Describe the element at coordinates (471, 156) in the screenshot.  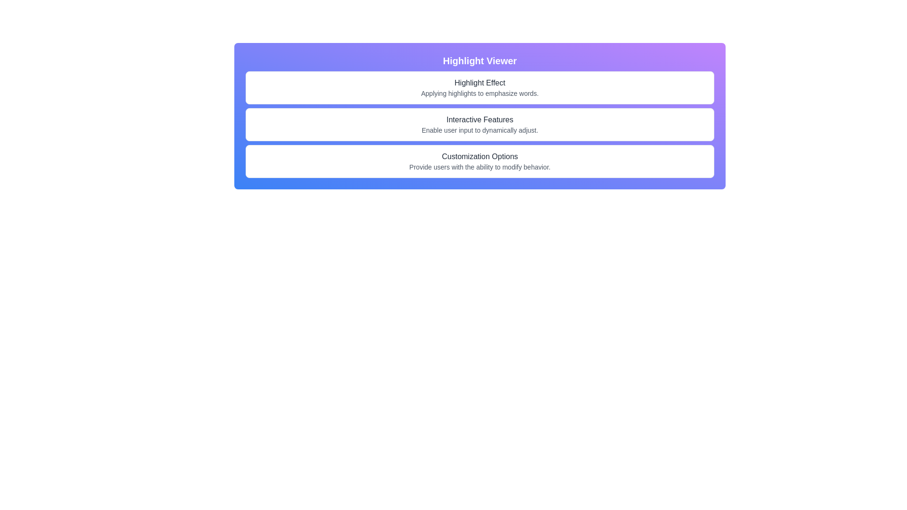
I see `the 8th character of the string 'Customization Options' located in the bottom cell of the layout grid under the header 'Highlight Viewer'` at that location.